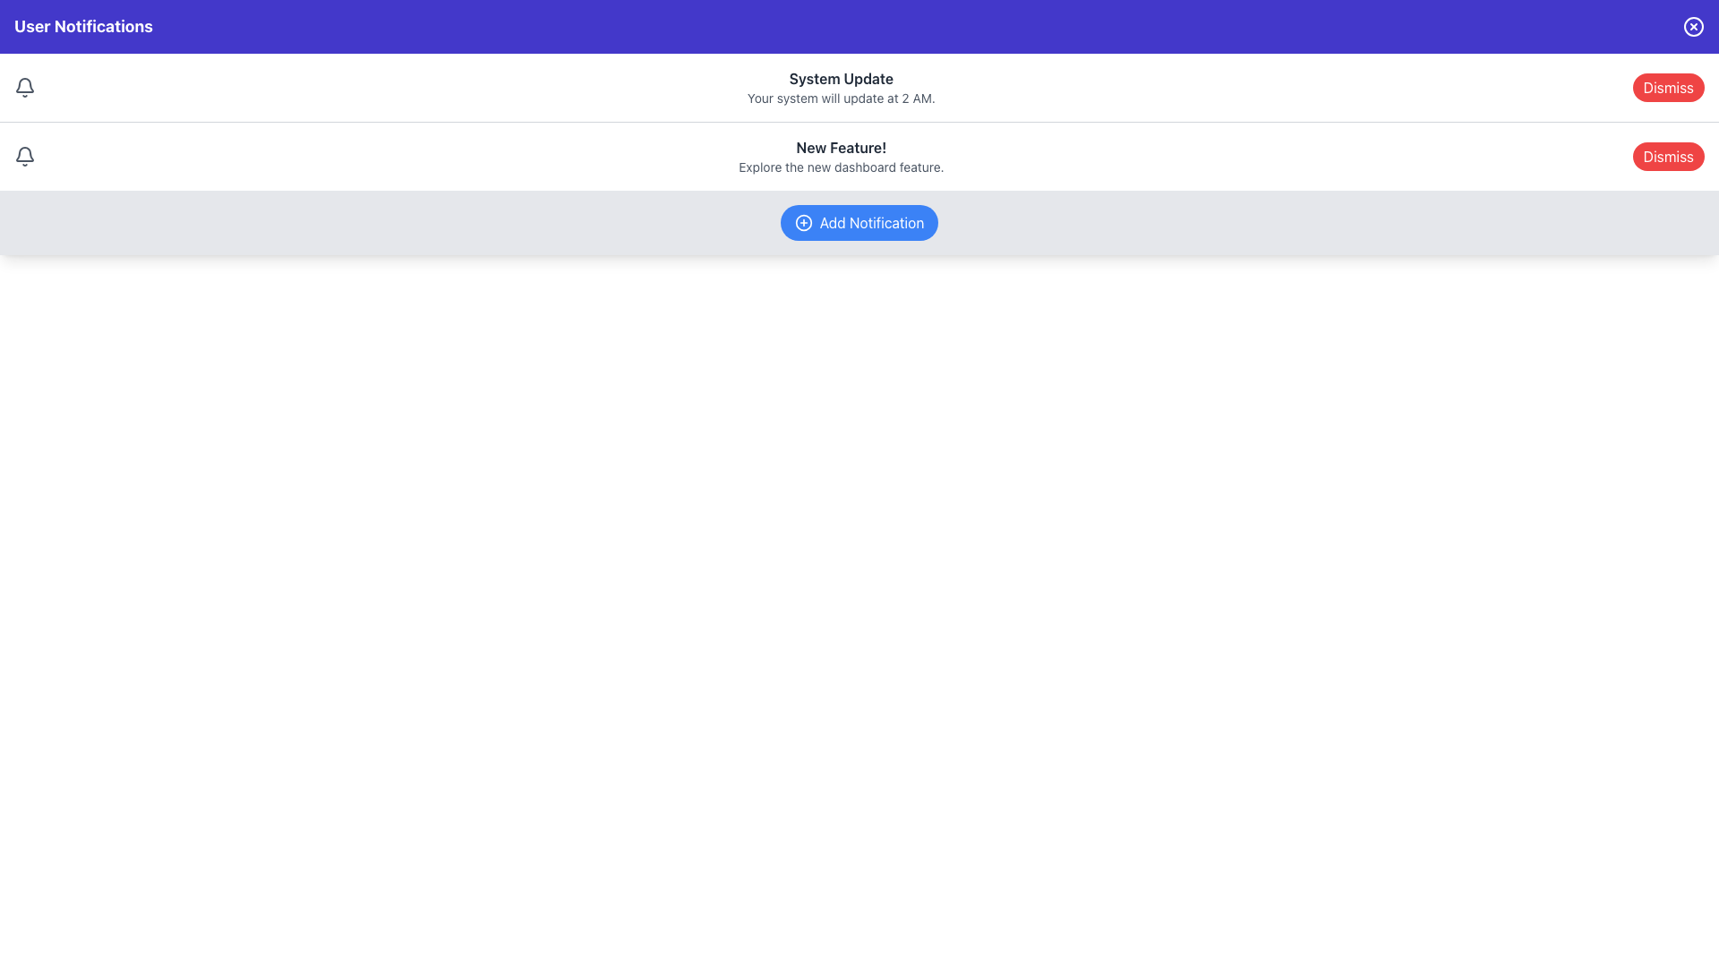 The width and height of the screenshot is (1719, 967). Describe the element at coordinates (25, 155) in the screenshot. I see `the gray bell icon located within the notification card, positioned` at that location.